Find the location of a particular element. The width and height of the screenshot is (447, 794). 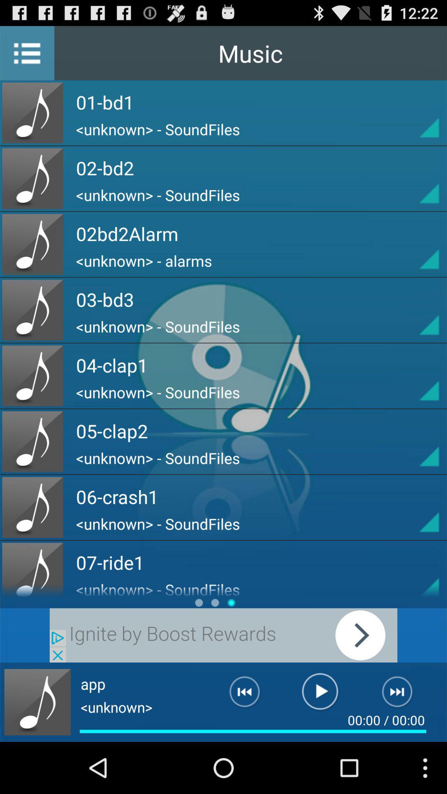

the av_rewind icon is located at coordinates (238, 744).